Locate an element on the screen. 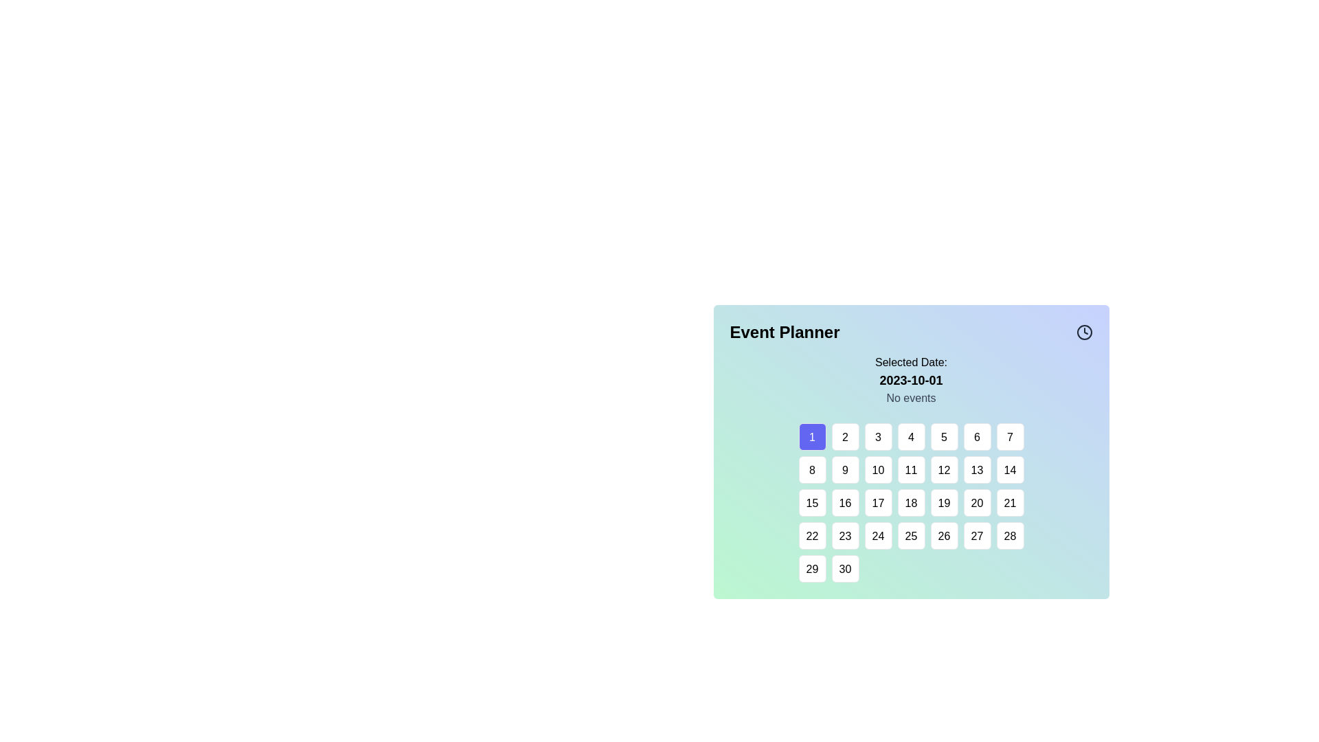 This screenshot has height=742, width=1319. the decorative clock icon located at the top-right corner of the 'Event Planner' title section, adjacent to the text 'Event Planner' is located at coordinates (1083, 332).